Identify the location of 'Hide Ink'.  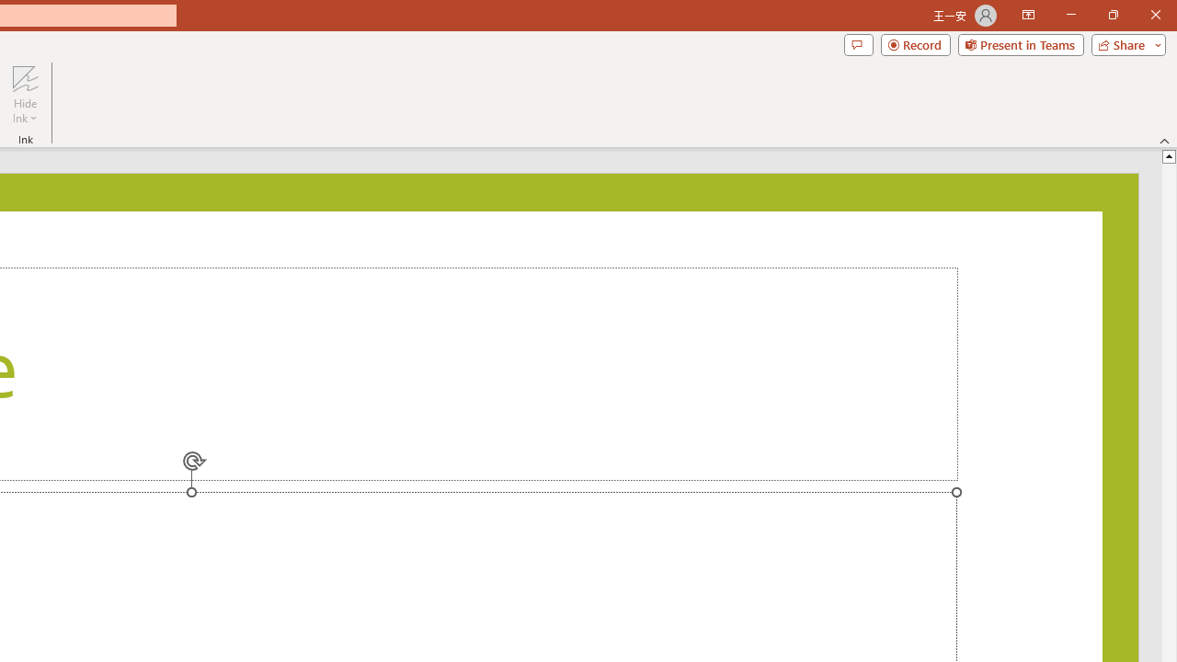
(25, 77).